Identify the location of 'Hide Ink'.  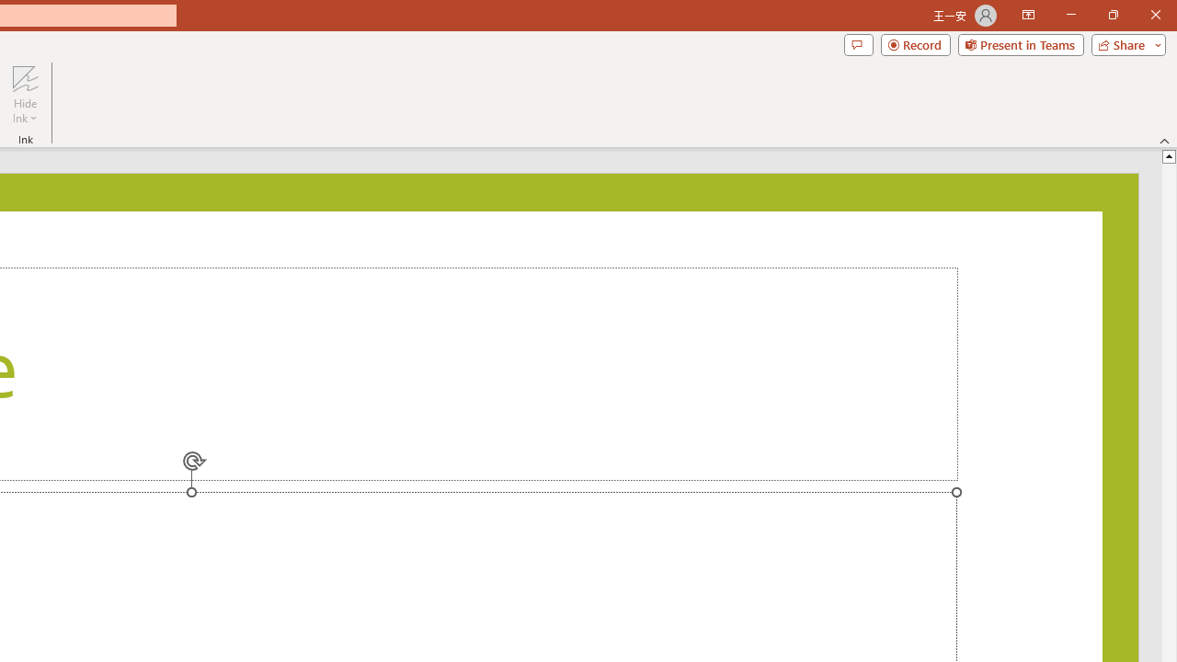
(25, 77).